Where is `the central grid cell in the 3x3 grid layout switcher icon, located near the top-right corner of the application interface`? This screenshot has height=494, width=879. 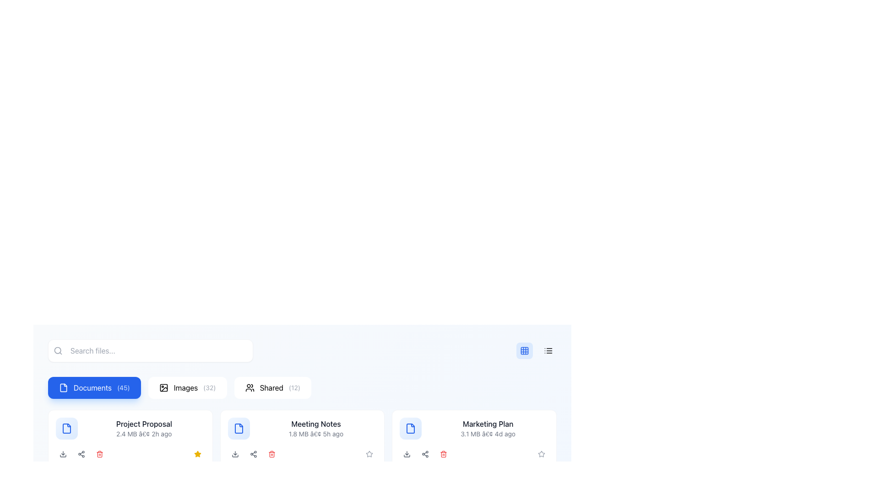
the central grid cell in the 3x3 grid layout switcher icon, located near the top-right corner of the application interface is located at coordinates (525, 350).